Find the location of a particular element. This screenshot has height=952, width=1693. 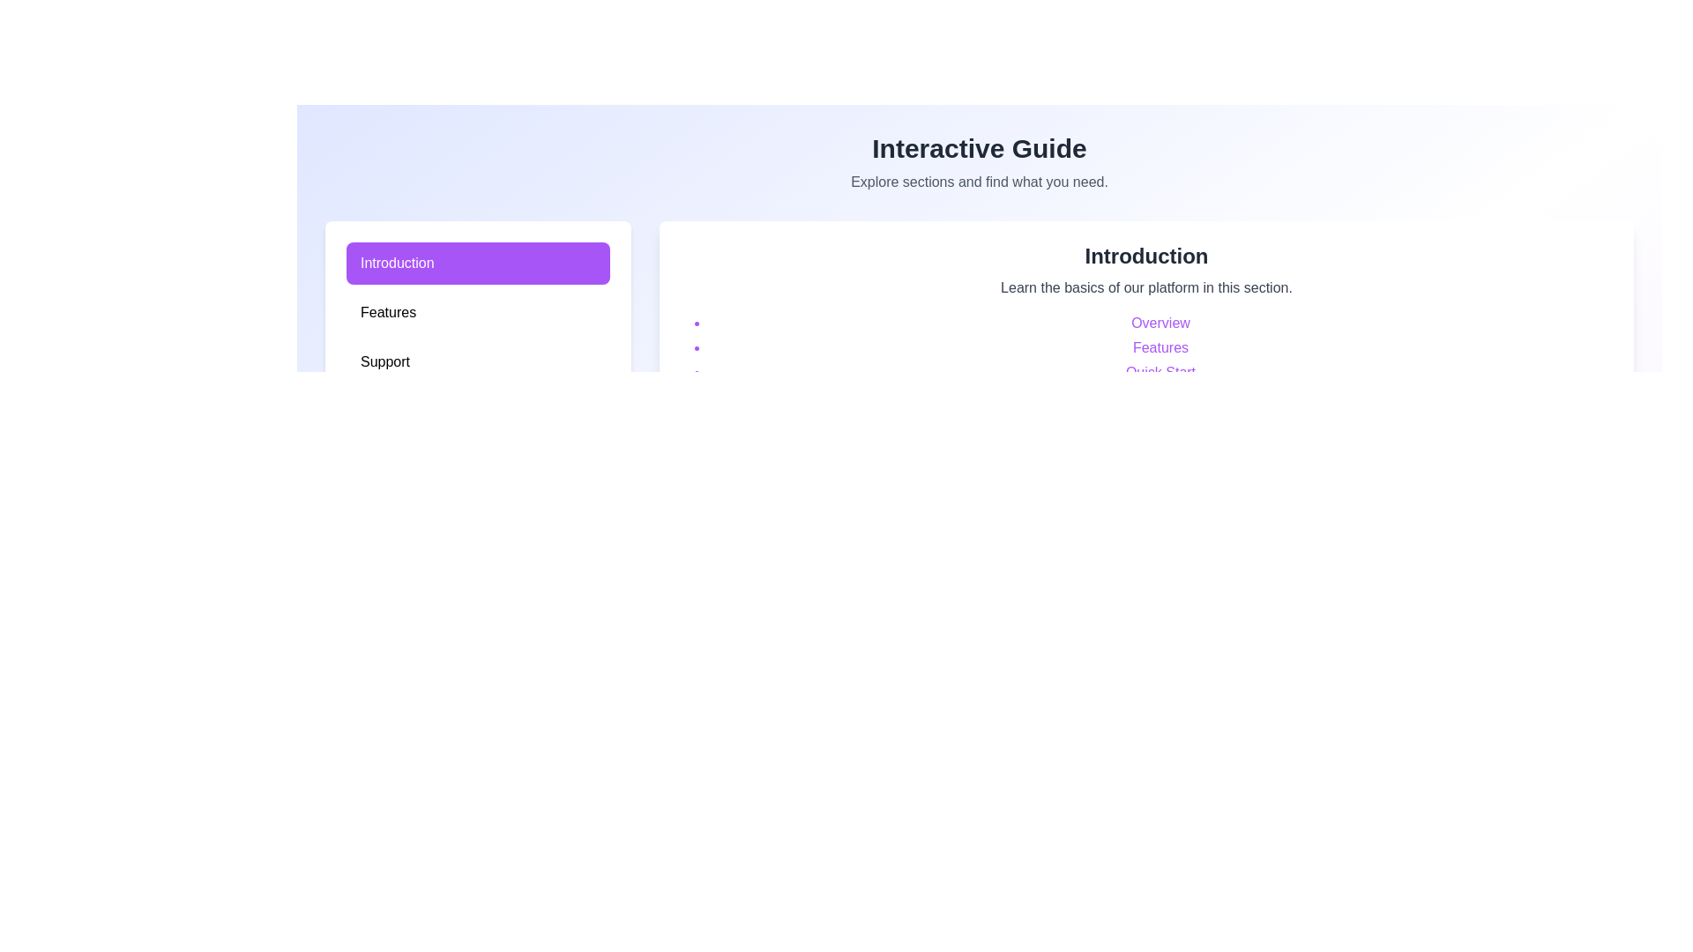

the 'Support' button, which is the last button in a vertical stack with a white background that changes to light purple on hover is located at coordinates (478, 361).